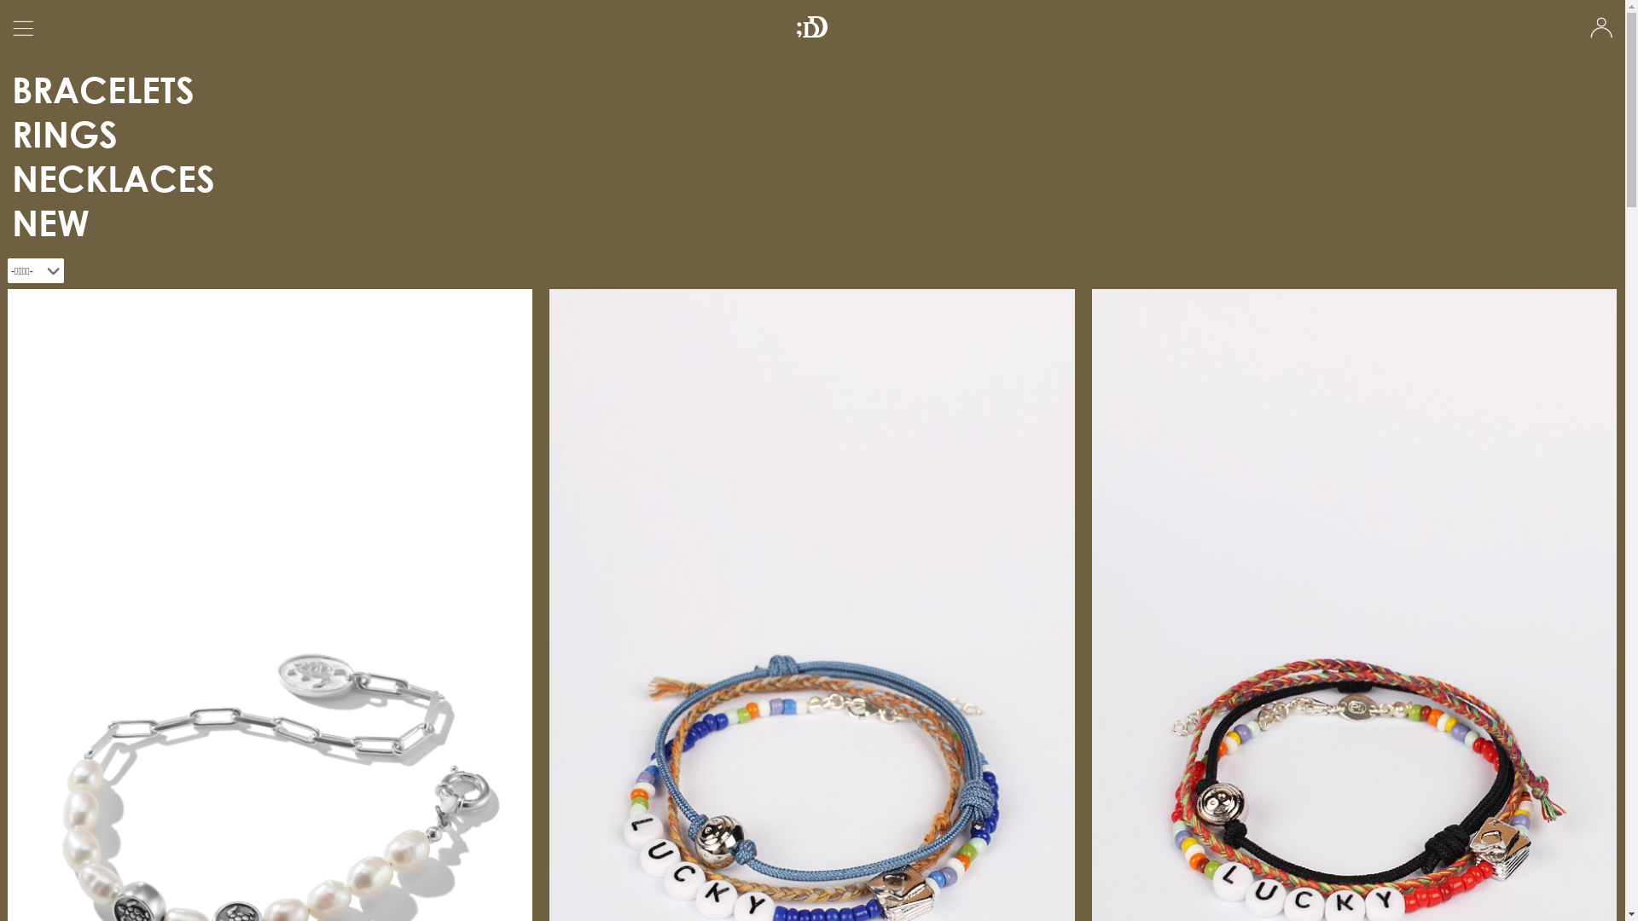 The height and width of the screenshot is (921, 1638). What do you see at coordinates (102, 89) in the screenshot?
I see `'BRACELETS'` at bounding box center [102, 89].